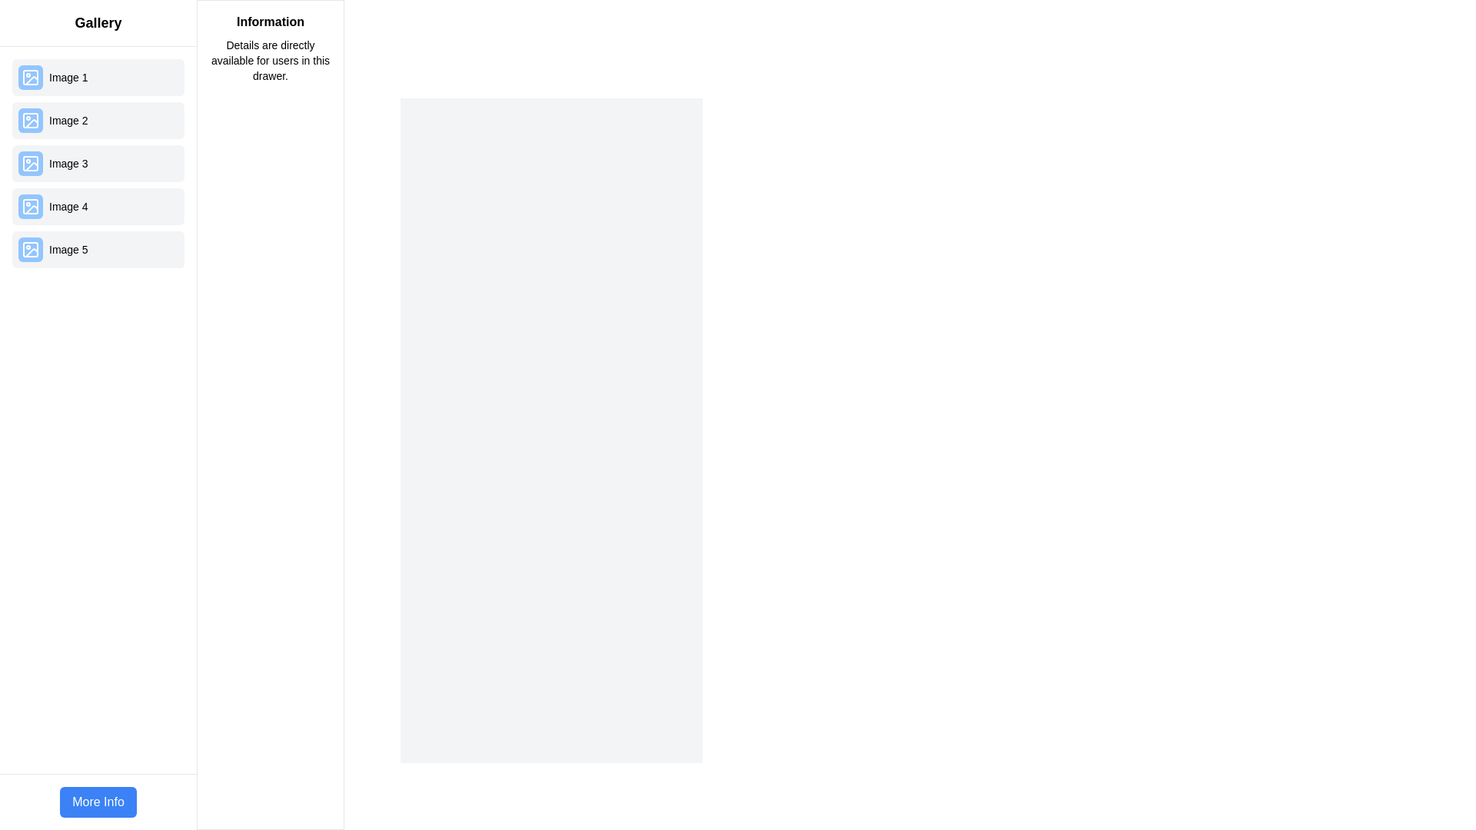 The width and height of the screenshot is (1476, 830). What do you see at coordinates (270, 59) in the screenshot?
I see `text block containing 'Details are directly available for users in this drawer.' located below the 'Information' heading in the right sidebar` at bounding box center [270, 59].